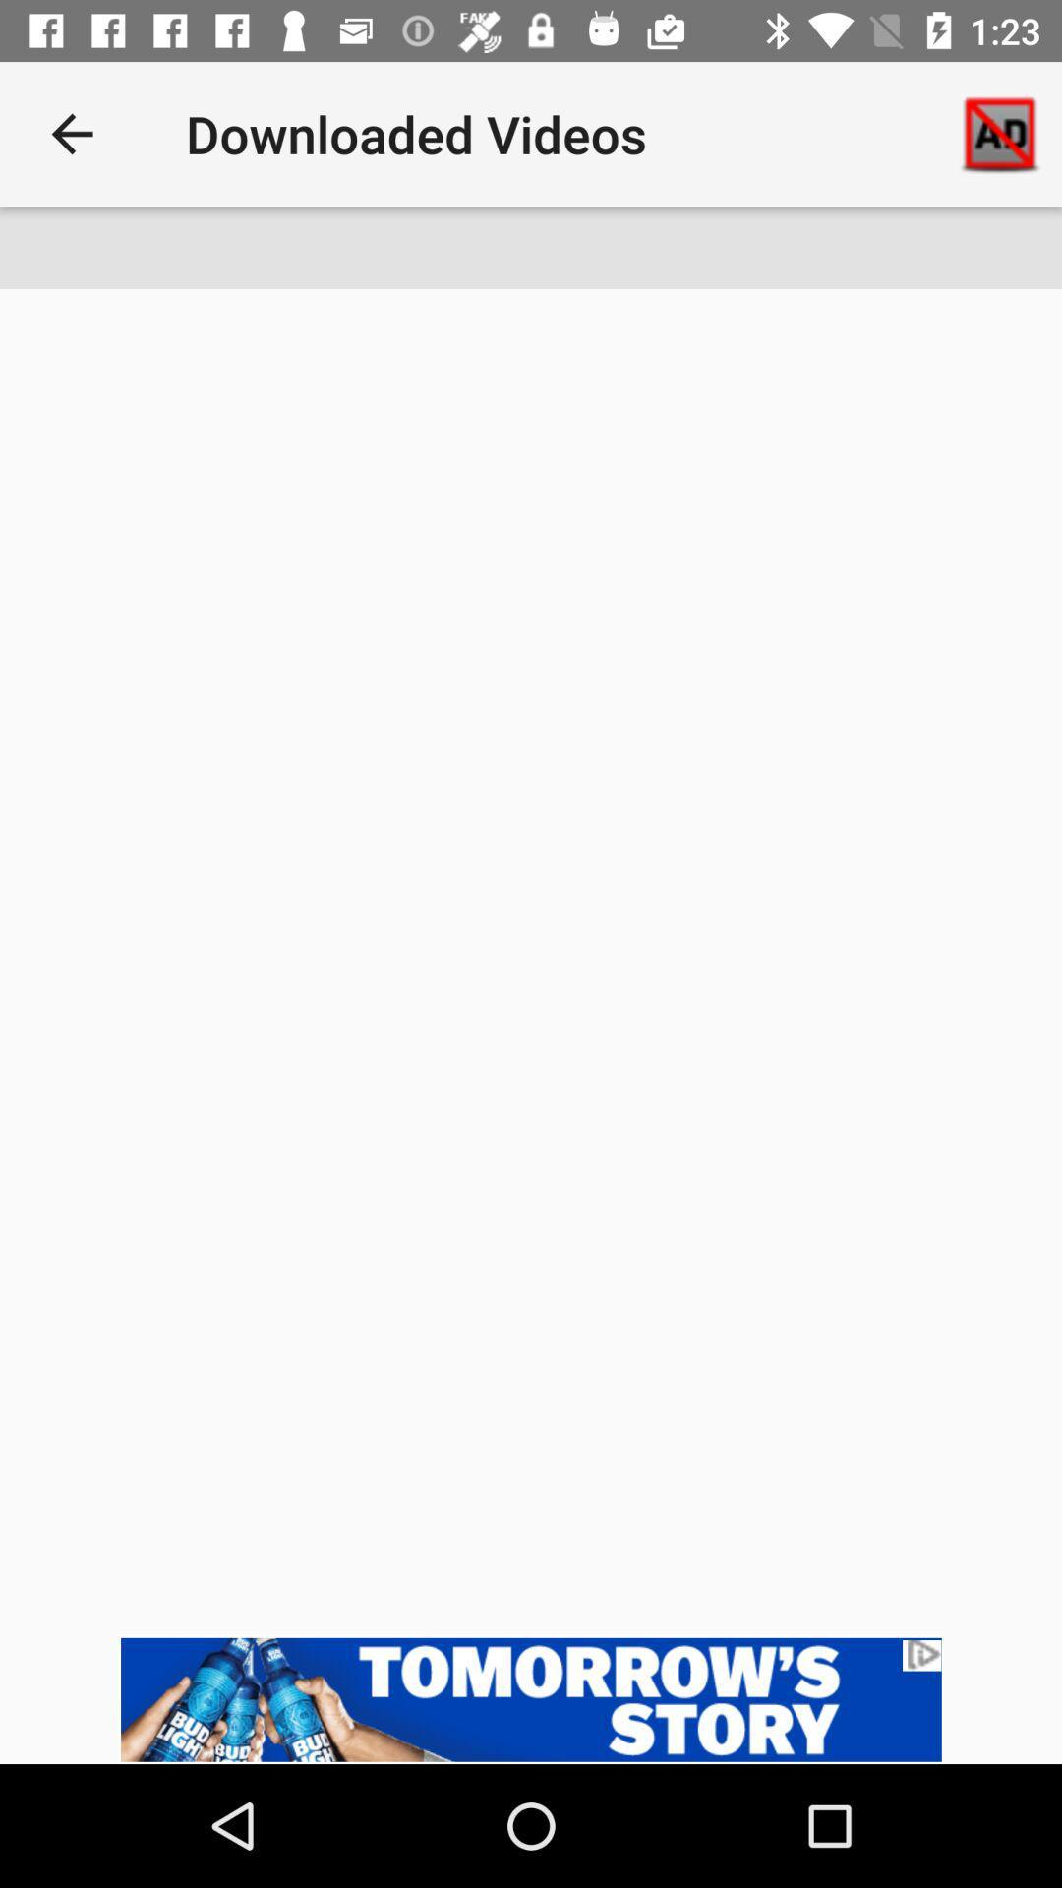  Describe the element at coordinates (531, 1698) in the screenshot. I see `the option` at that location.